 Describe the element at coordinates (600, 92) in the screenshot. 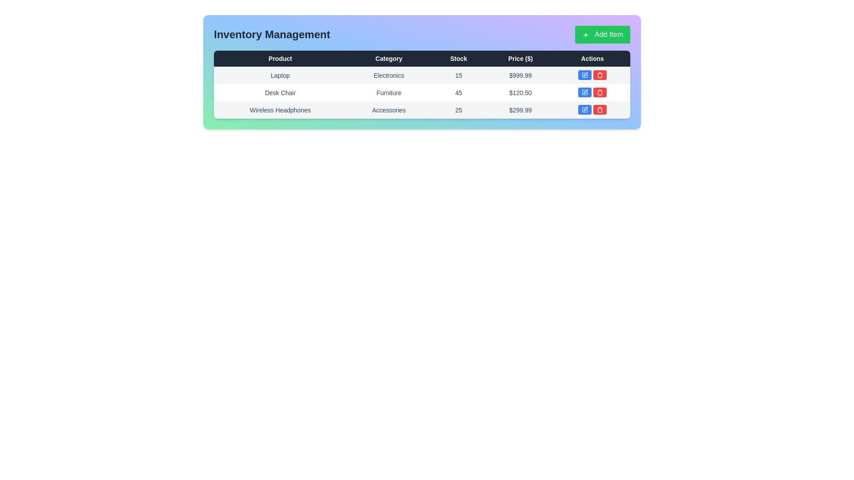

I see `the delete button with a red background and a trash can icon, located in the Actions column of the table's second row` at that location.